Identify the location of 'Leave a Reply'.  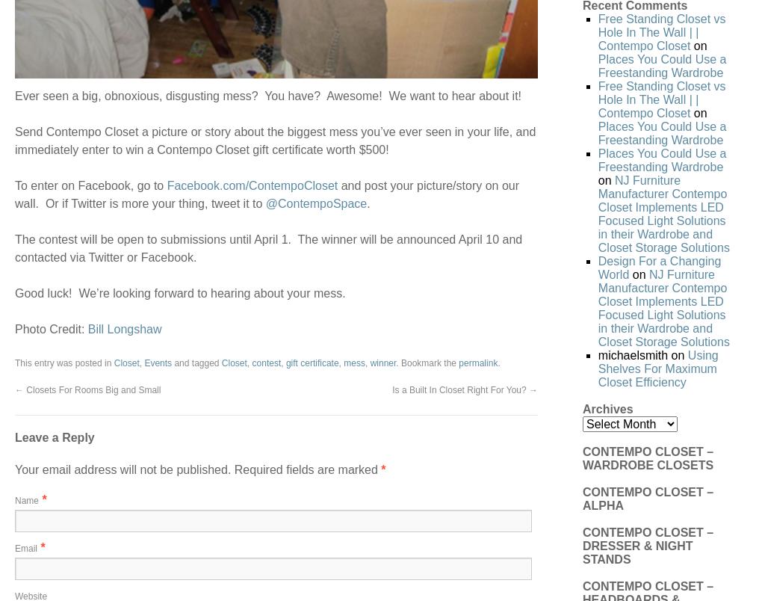
(55, 436).